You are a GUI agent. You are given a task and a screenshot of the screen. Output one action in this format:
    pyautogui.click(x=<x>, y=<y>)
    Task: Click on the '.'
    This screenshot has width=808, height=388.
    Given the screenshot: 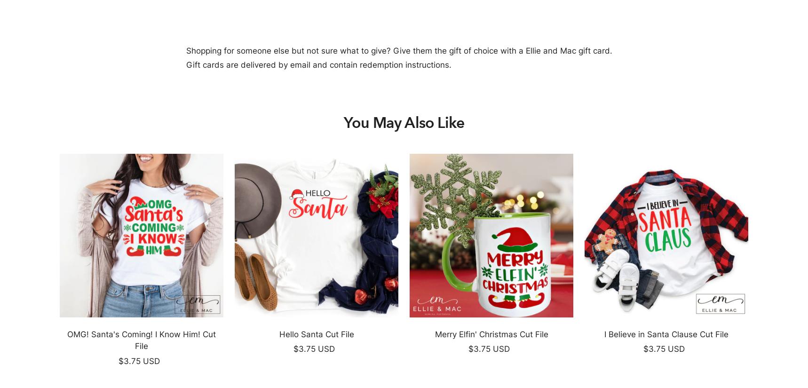 What is the action you would take?
    pyautogui.click(x=662, y=329)
    